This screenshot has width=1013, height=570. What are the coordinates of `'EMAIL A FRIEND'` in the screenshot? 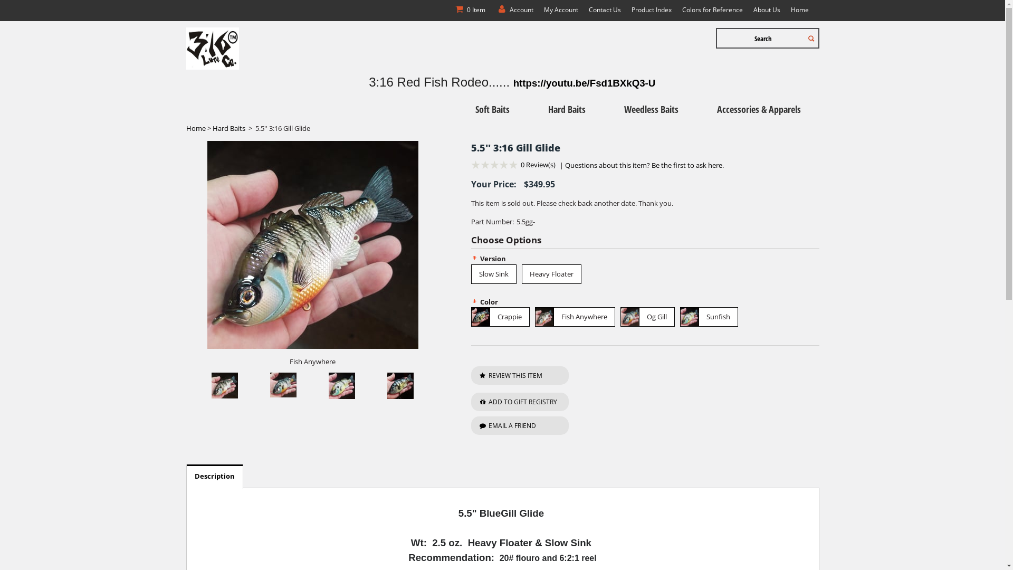 It's located at (519, 425).